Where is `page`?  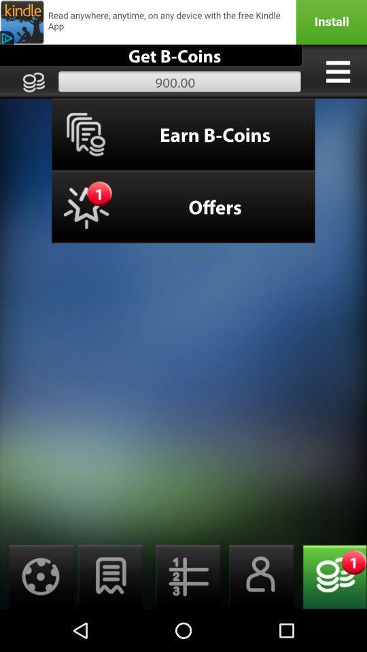 page is located at coordinates (109, 576).